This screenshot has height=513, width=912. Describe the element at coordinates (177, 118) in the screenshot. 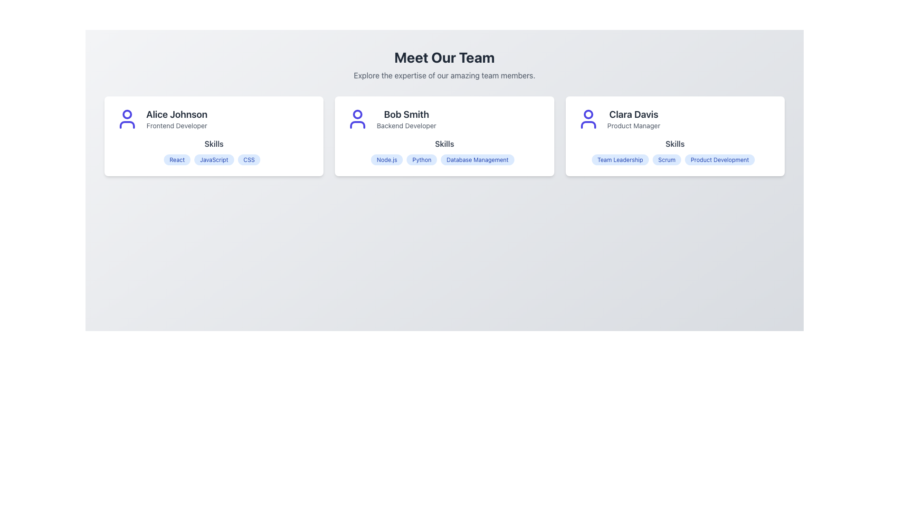

I see `the text display showing 'Alice Johnson' and 'Frontend Developer', which is styled with a bold font and located in the leftmost card` at that location.